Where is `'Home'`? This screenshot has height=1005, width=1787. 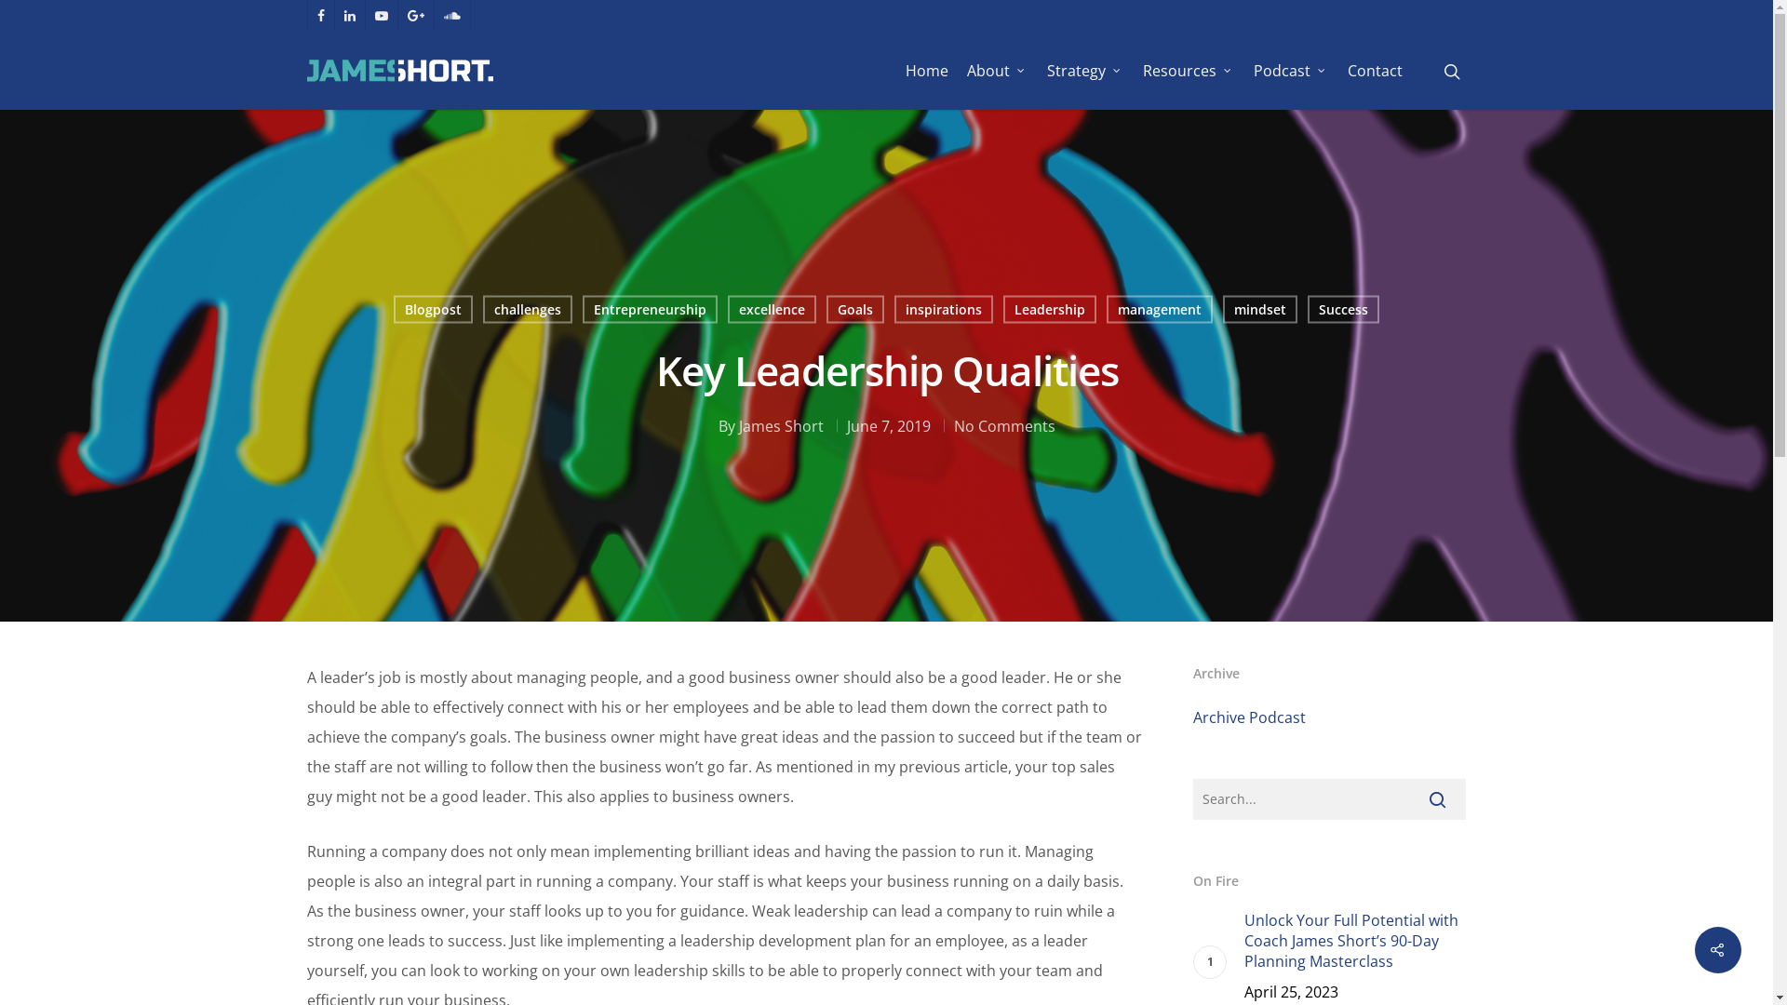 'Home' is located at coordinates (927, 70).